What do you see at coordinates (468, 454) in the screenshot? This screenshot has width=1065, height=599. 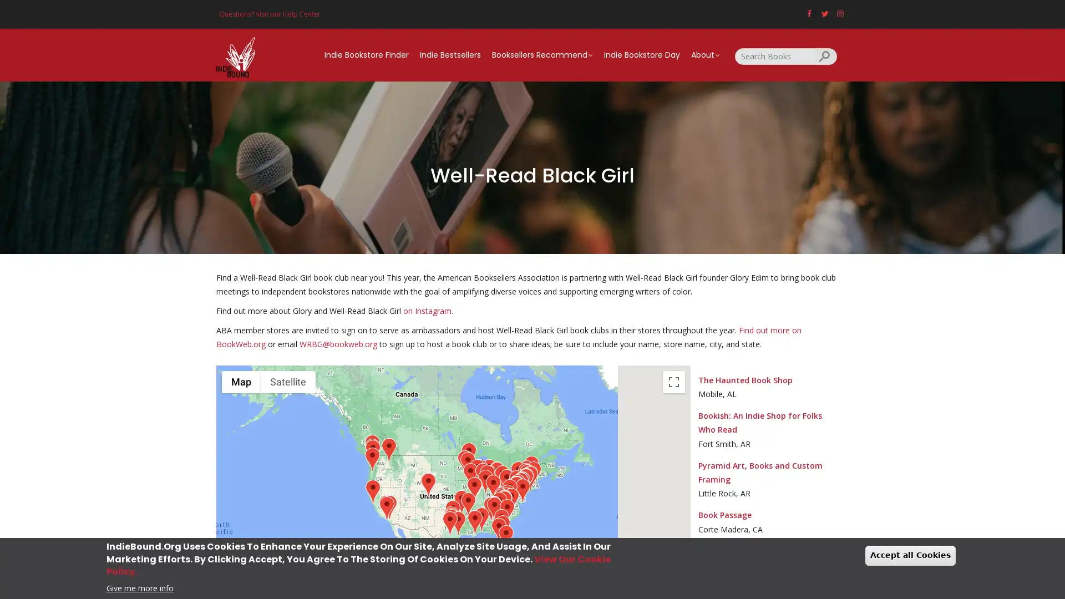 I see `Zenith Bookstore` at bounding box center [468, 454].